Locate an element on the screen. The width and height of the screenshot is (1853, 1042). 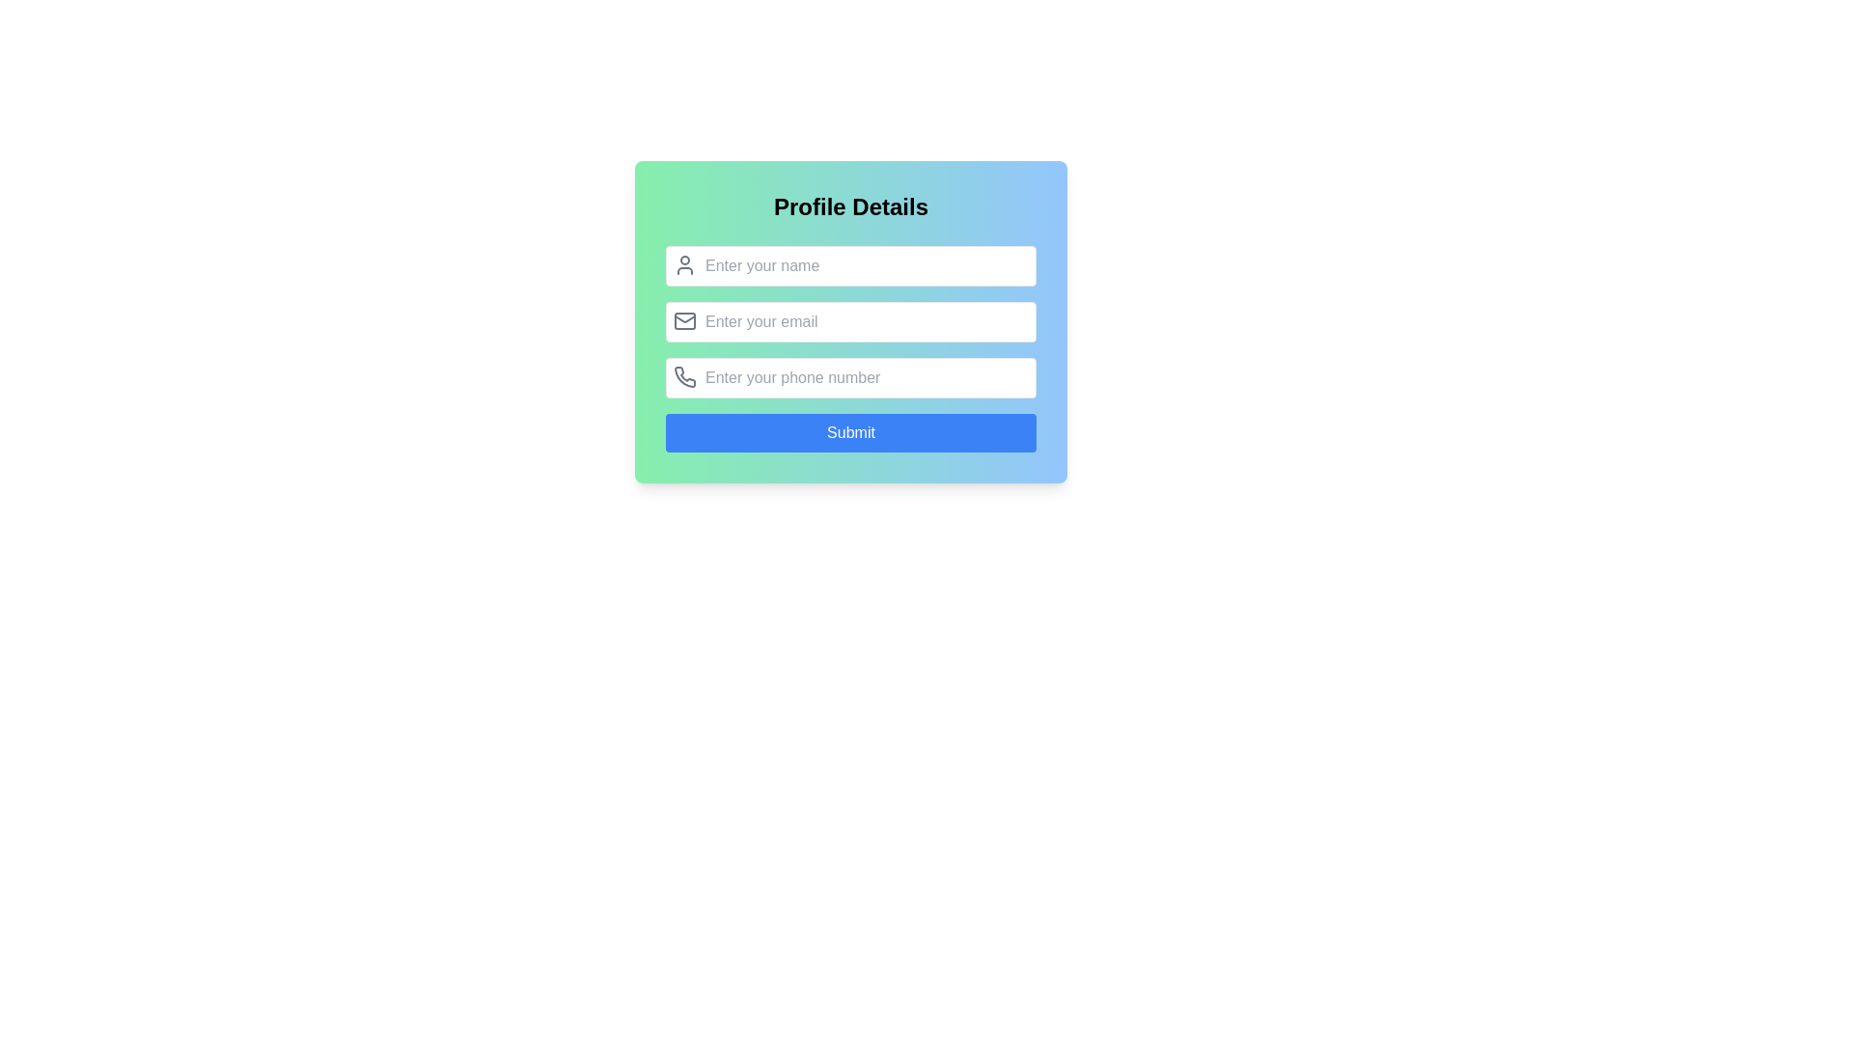
the submit button located at the bottom of the form interface is located at coordinates (850, 431).